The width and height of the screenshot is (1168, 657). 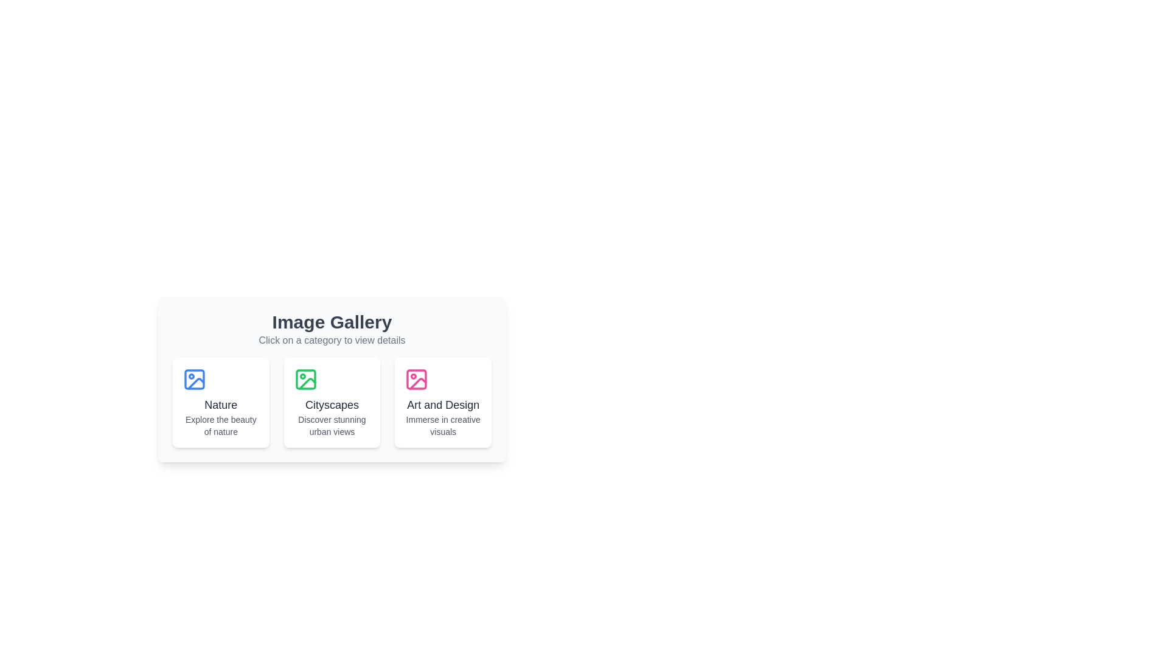 What do you see at coordinates (442, 403) in the screenshot?
I see `the 'Art and Design' selectable card, which features a white background, rounded corners, and a pink-outlined image icon at the top` at bounding box center [442, 403].